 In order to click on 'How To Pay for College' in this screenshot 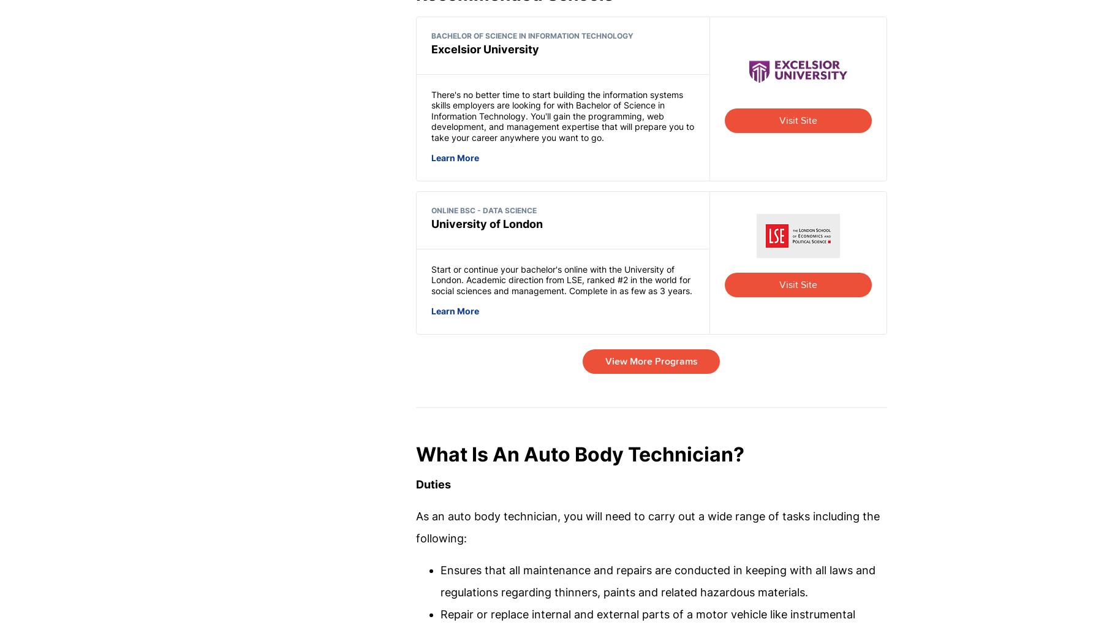, I will do `click(554, 562)`.